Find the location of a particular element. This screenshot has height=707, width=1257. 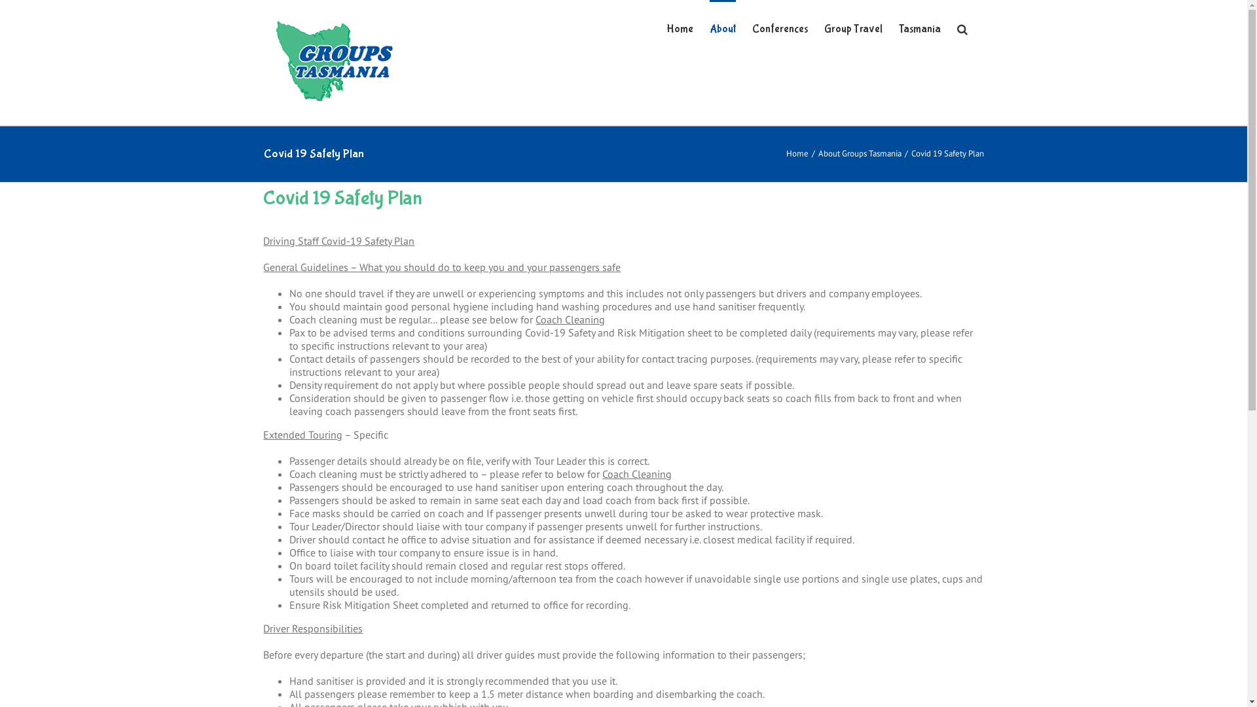

'Conferences' is located at coordinates (779, 27).